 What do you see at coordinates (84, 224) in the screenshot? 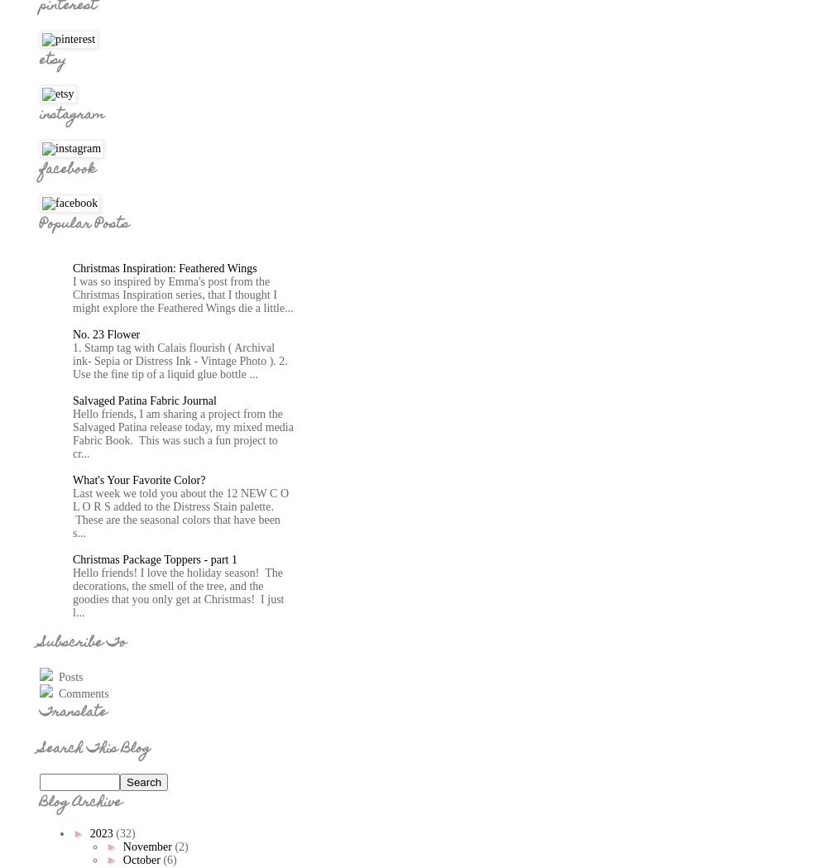
I see `'Popular Posts'` at bounding box center [84, 224].